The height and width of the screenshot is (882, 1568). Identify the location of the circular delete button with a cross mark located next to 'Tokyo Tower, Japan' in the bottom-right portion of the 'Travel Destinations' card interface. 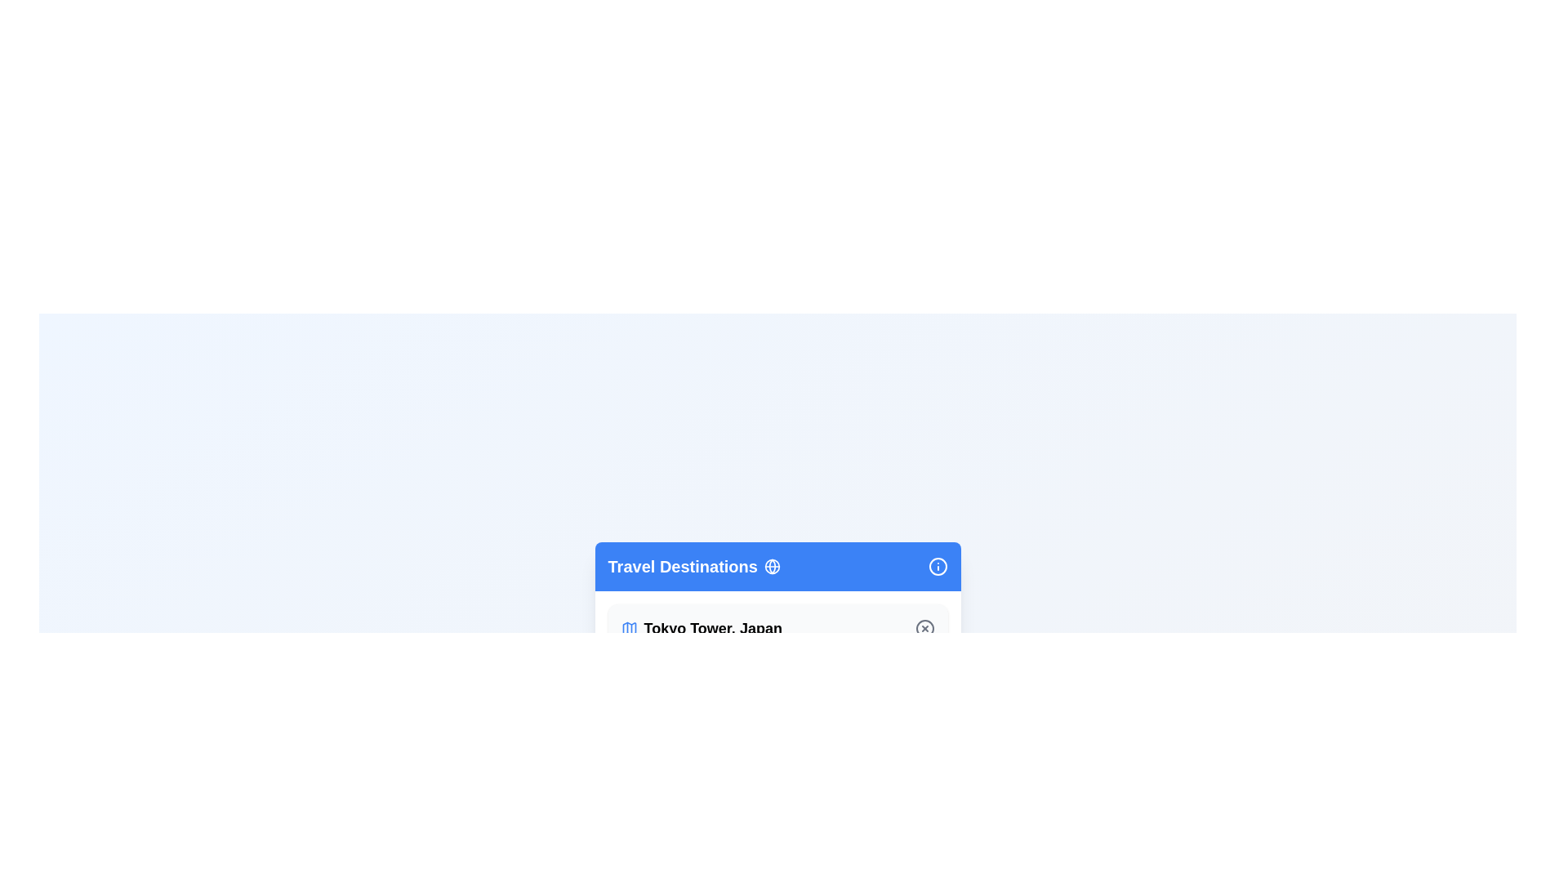
(924, 628).